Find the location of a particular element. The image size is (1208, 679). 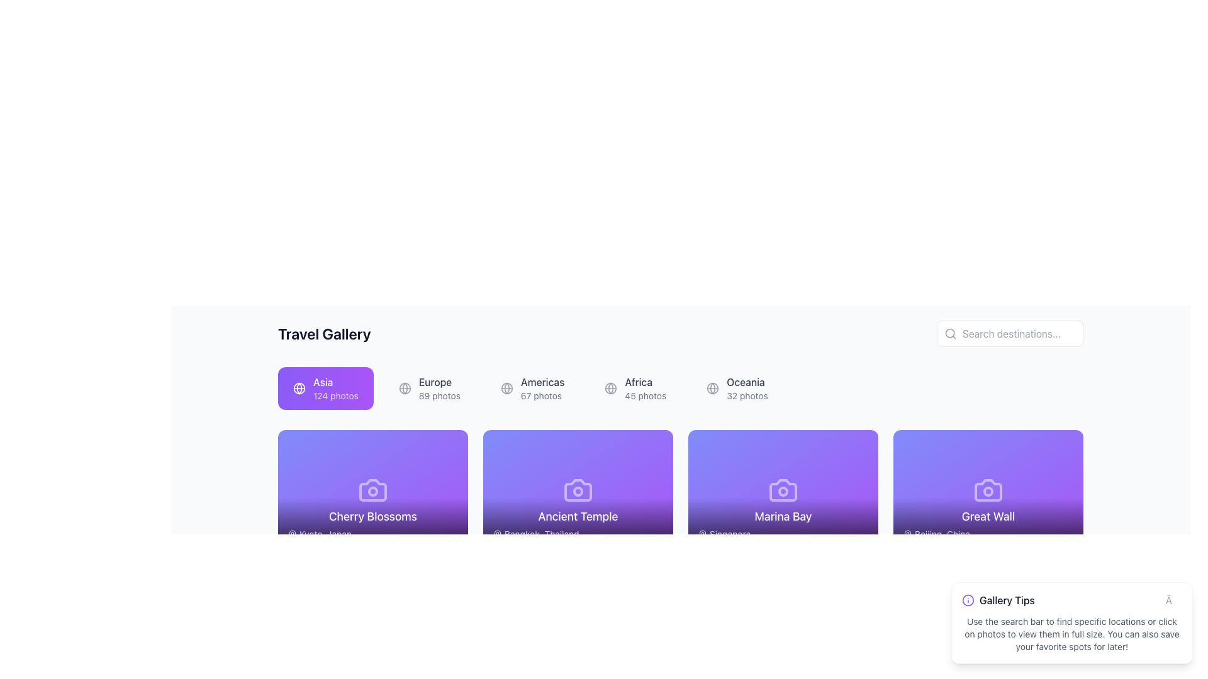

the image icon representing the 'Great Wall' card, located on the far right of the second row in the gallery grid is located at coordinates (987, 489).